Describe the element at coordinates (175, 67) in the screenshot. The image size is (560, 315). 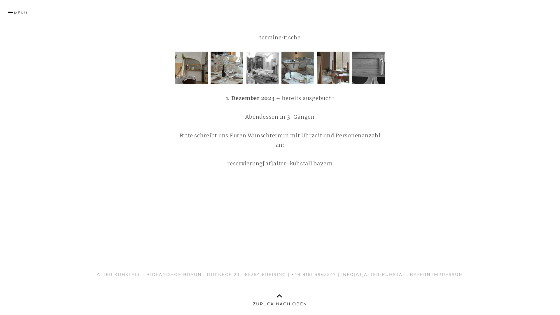
I see `'Raum 1'` at that location.